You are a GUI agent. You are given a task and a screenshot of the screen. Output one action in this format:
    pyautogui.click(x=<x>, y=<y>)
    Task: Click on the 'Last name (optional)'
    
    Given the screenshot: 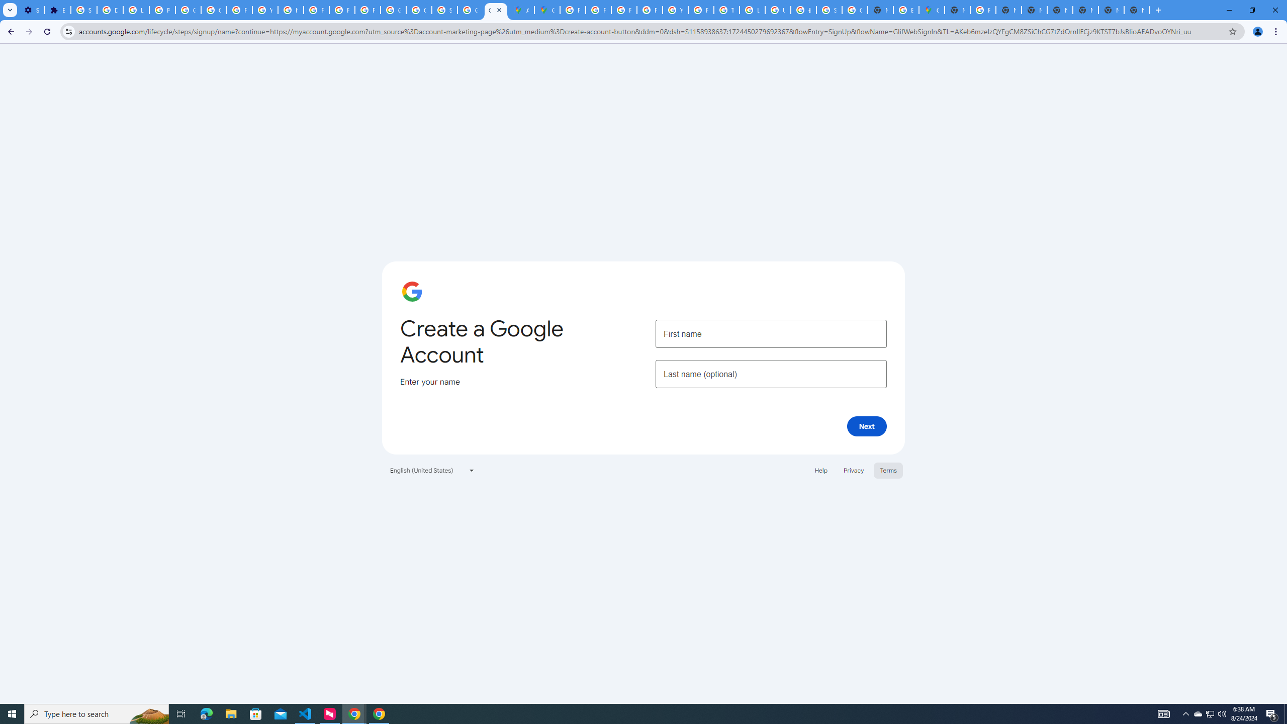 What is the action you would take?
    pyautogui.click(x=770, y=373)
    